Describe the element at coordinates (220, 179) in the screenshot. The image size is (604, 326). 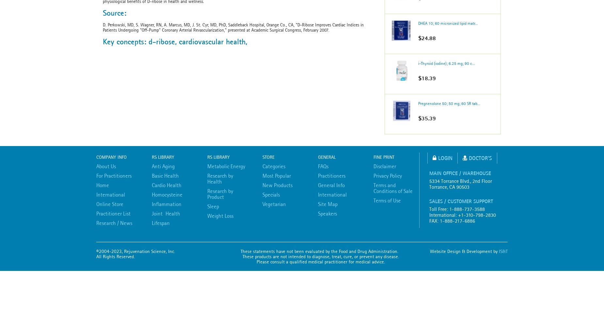
I see `'Research by Health'` at that location.